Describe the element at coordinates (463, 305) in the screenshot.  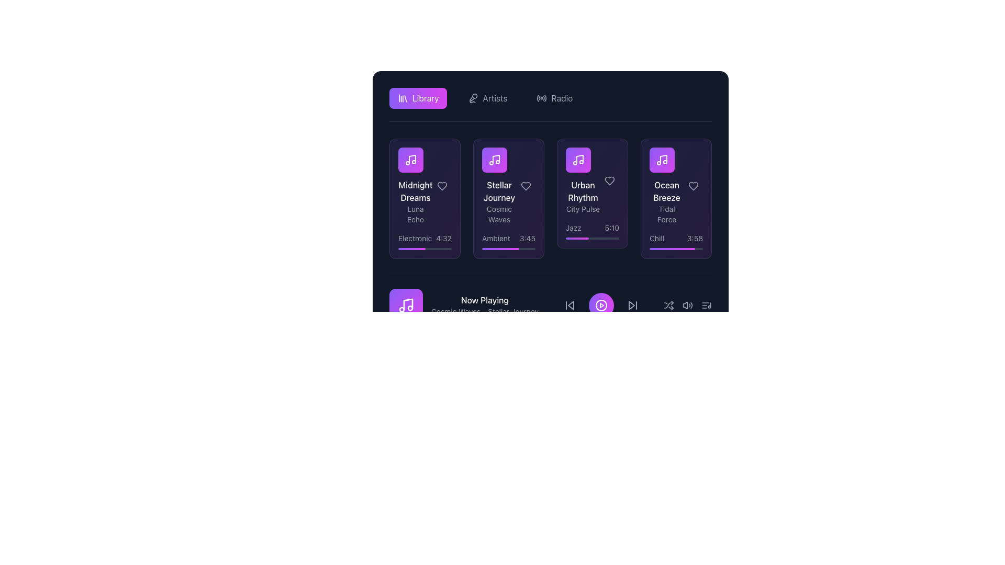
I see `displayed information from the Label titled 'Now Playing' which shows the artist and song information 'Cosmic Waves - Stellar Journey' along with a musical note icon to the left` at that location.